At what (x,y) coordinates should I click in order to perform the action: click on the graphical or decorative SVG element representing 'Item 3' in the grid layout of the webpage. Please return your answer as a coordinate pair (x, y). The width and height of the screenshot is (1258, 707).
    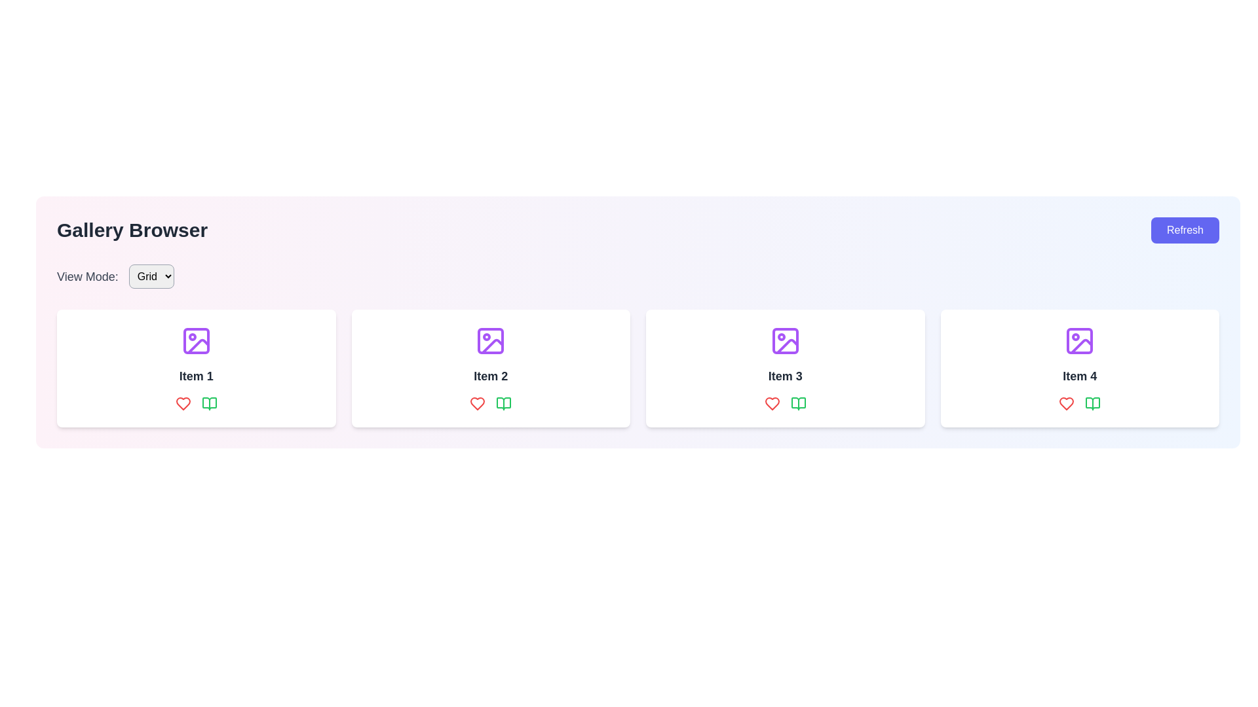
    Looking at the image, I should click on (785, 340).